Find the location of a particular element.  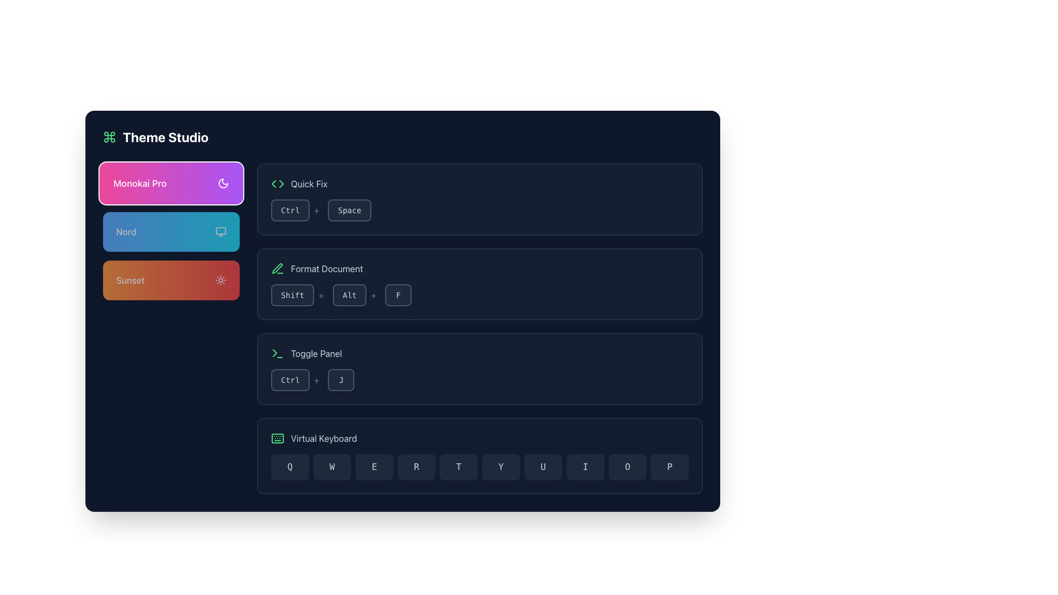

the 'F' keyboard key button, which is the third button in the sequence for 'Shift + Alt + F', located in the 'Format Document' section is located at coordinates (398, 295).